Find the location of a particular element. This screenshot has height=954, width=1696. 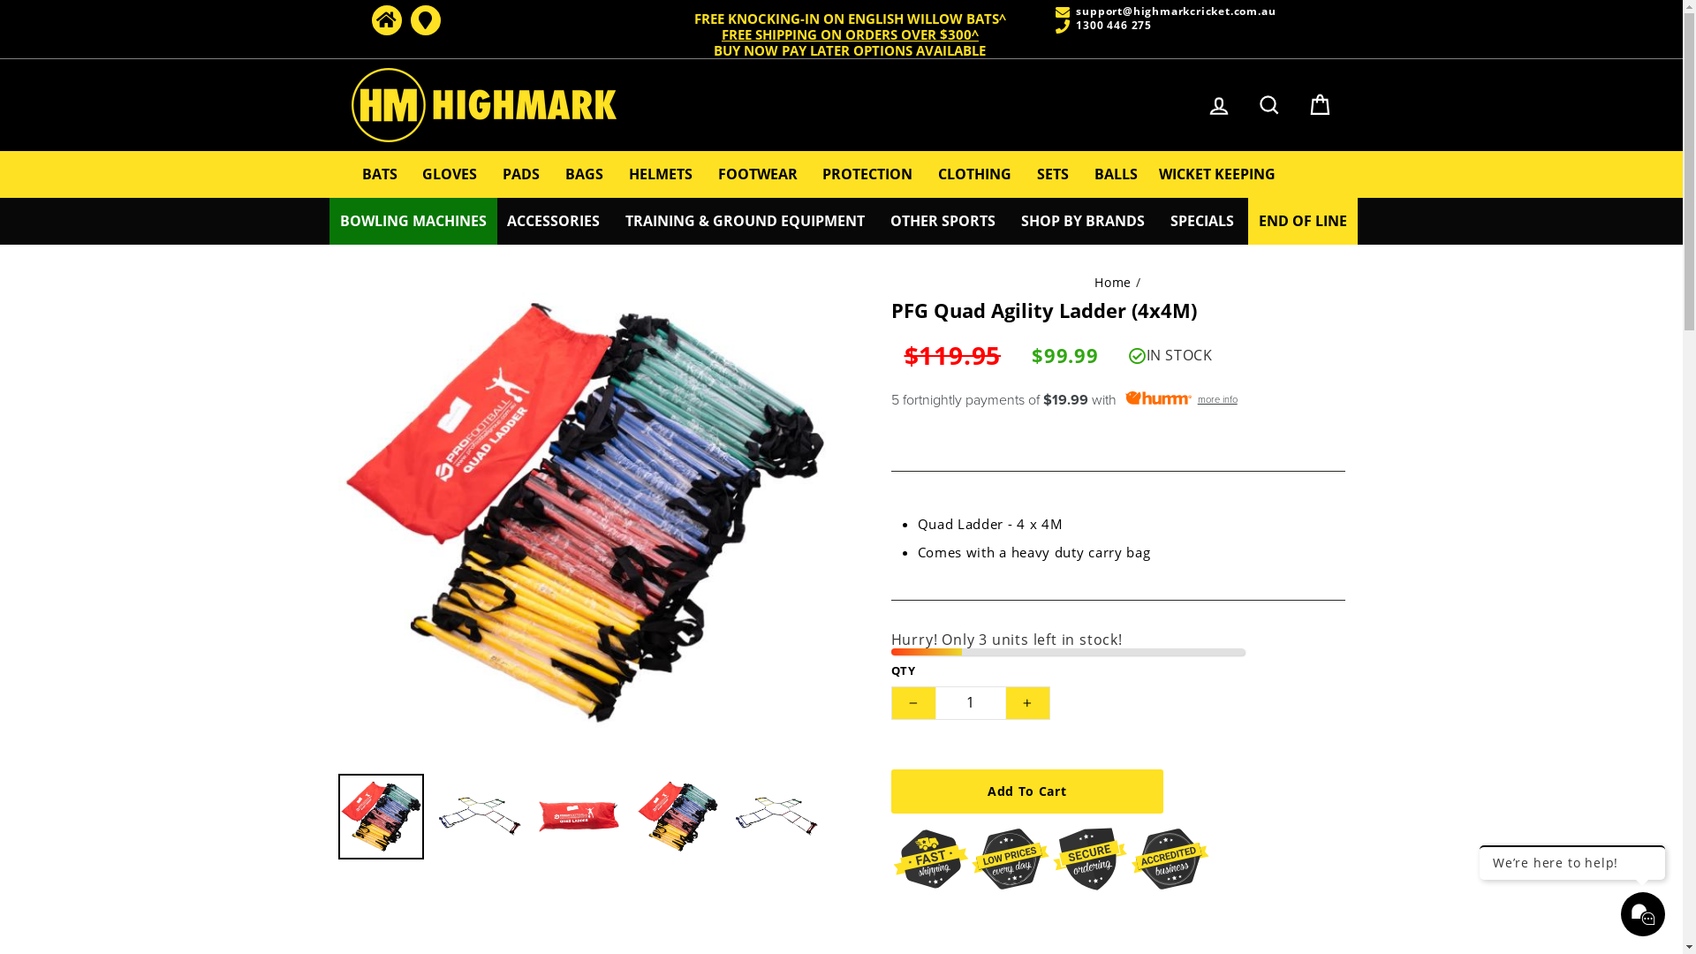

'WICKET KEEPING' is located at coordinates (1215, 174).